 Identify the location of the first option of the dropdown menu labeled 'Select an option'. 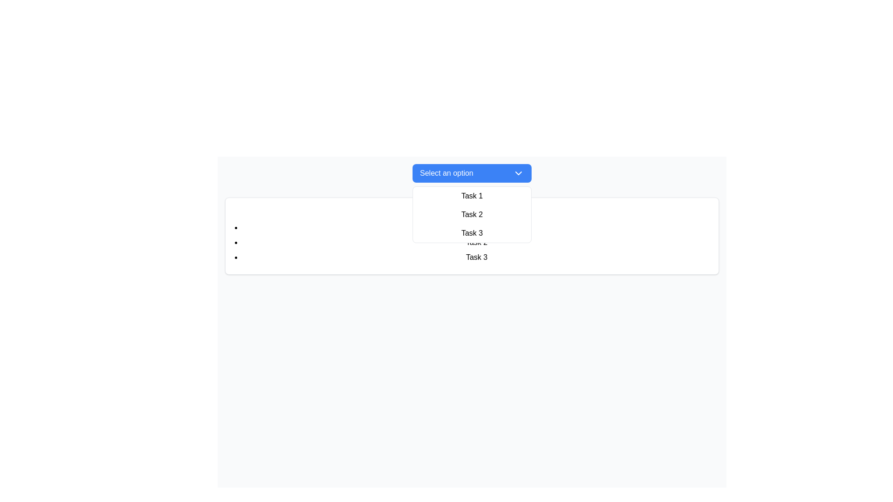
(472, 195).